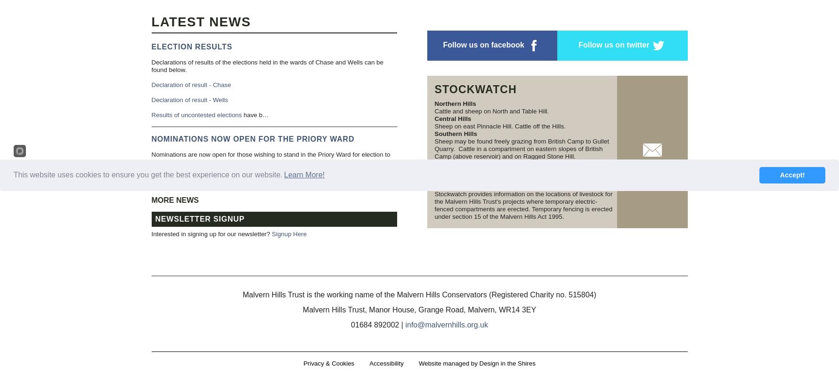 This screenshot has height=375, width=839. What do you see at coordinates (253, 139) in the screenshot?
I see `'Nominations now open for the Priory Ward'` at bounding box center [253, 139].